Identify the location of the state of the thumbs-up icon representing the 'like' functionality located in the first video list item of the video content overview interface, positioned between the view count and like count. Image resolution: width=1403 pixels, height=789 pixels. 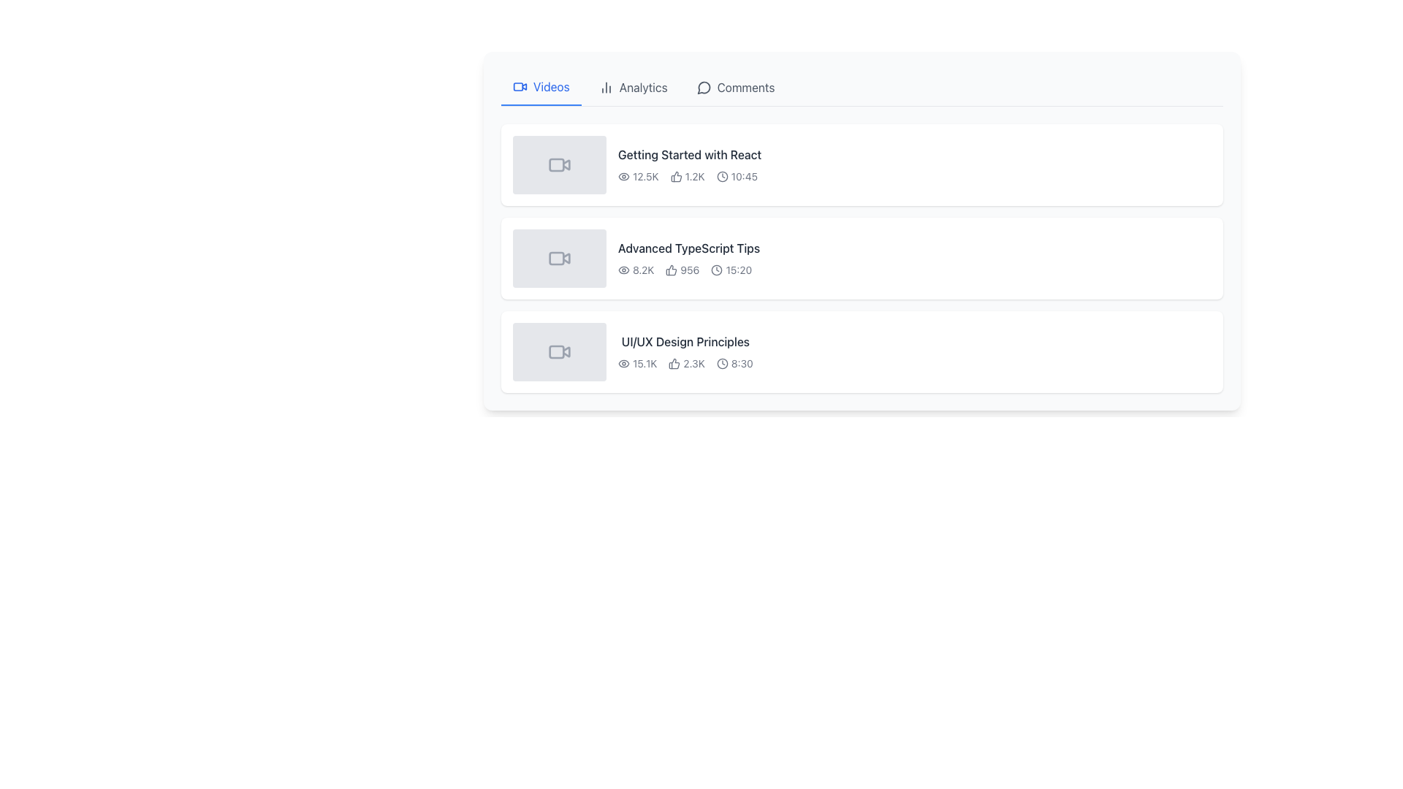
(675, 176).